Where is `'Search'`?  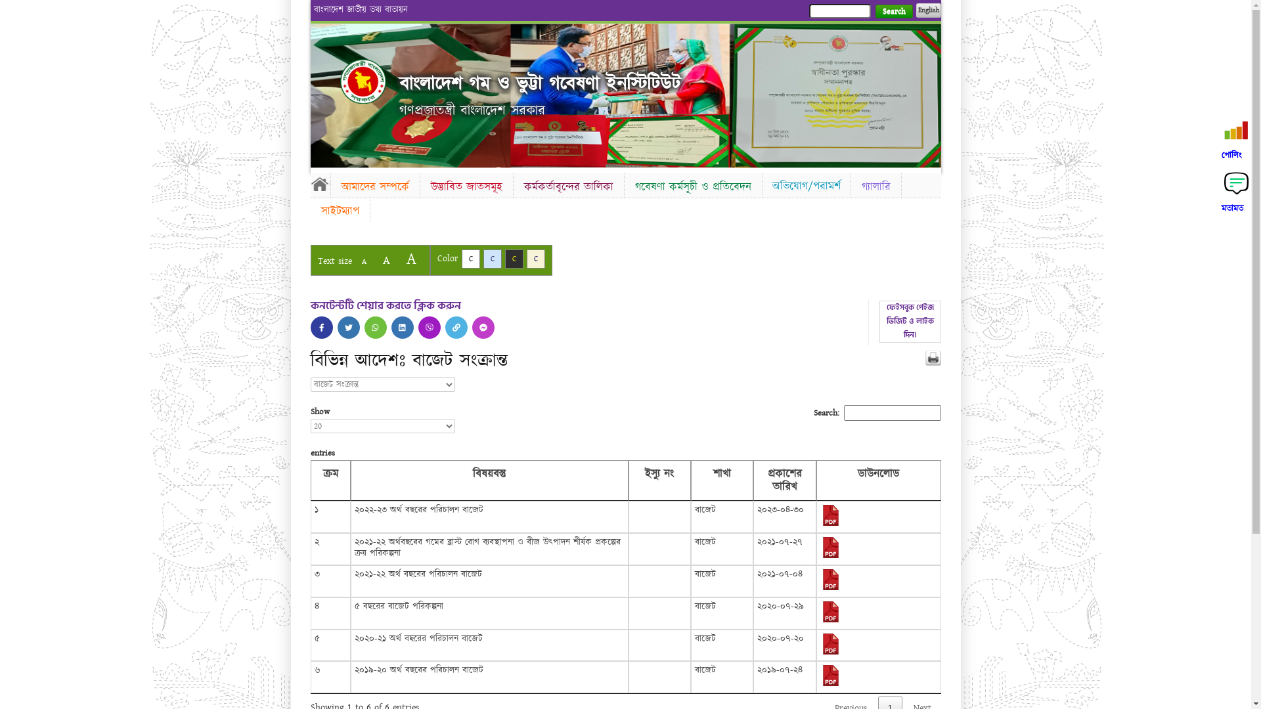 'Search' is located at coordinates (893, 11).